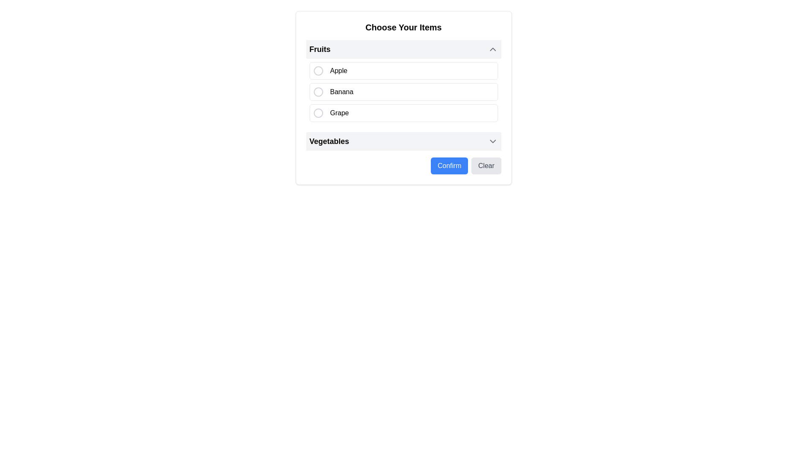 This screenshot has height=456, width=811. Describe the element at coordinates (318, 71) in the screenshot. I see `the unfilled radio button circle located to the left of the text 'Apple' in the 'Fruits' category list` at that location.